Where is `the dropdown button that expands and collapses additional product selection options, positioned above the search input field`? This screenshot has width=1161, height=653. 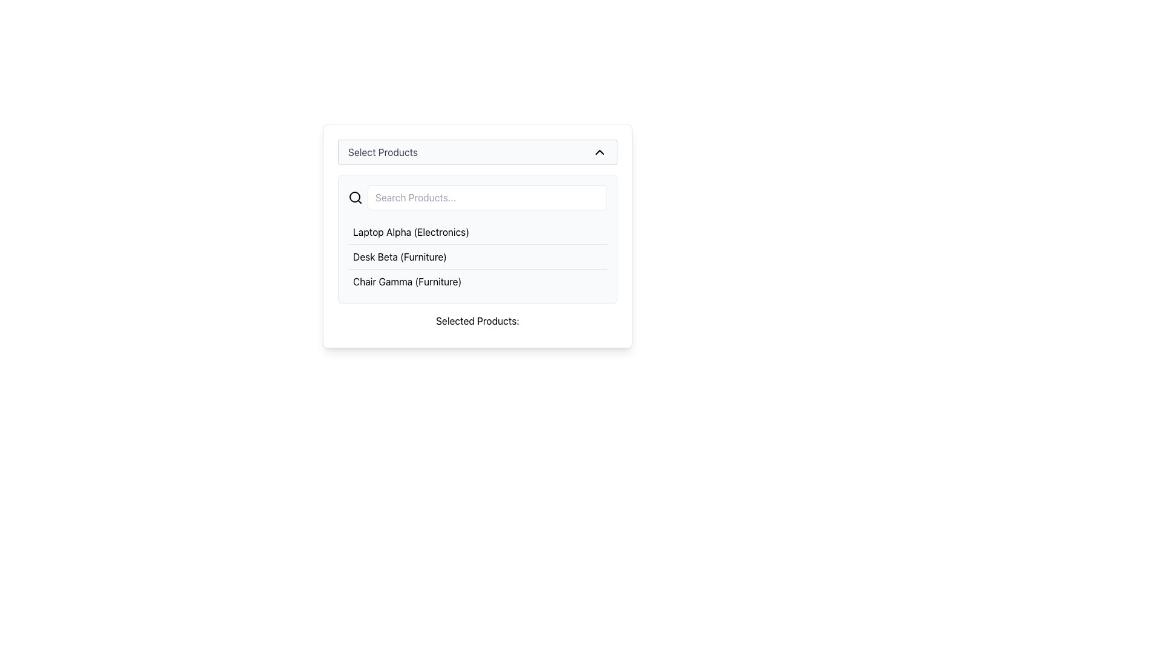 the dropdown button that expands and collapses additional product selection options, positioned above the search input field is located at coordinates (477, 151).